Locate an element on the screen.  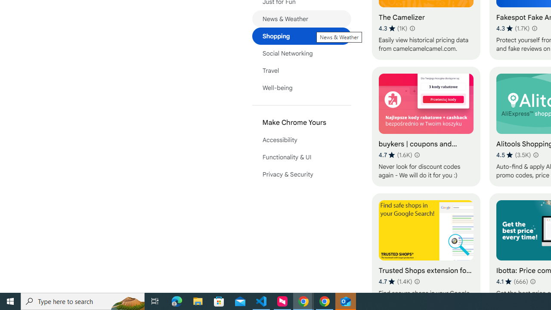
'Average rating 4.7 out of 5 stars. 1.4K ratings.' is located at coordinates (395, 281).